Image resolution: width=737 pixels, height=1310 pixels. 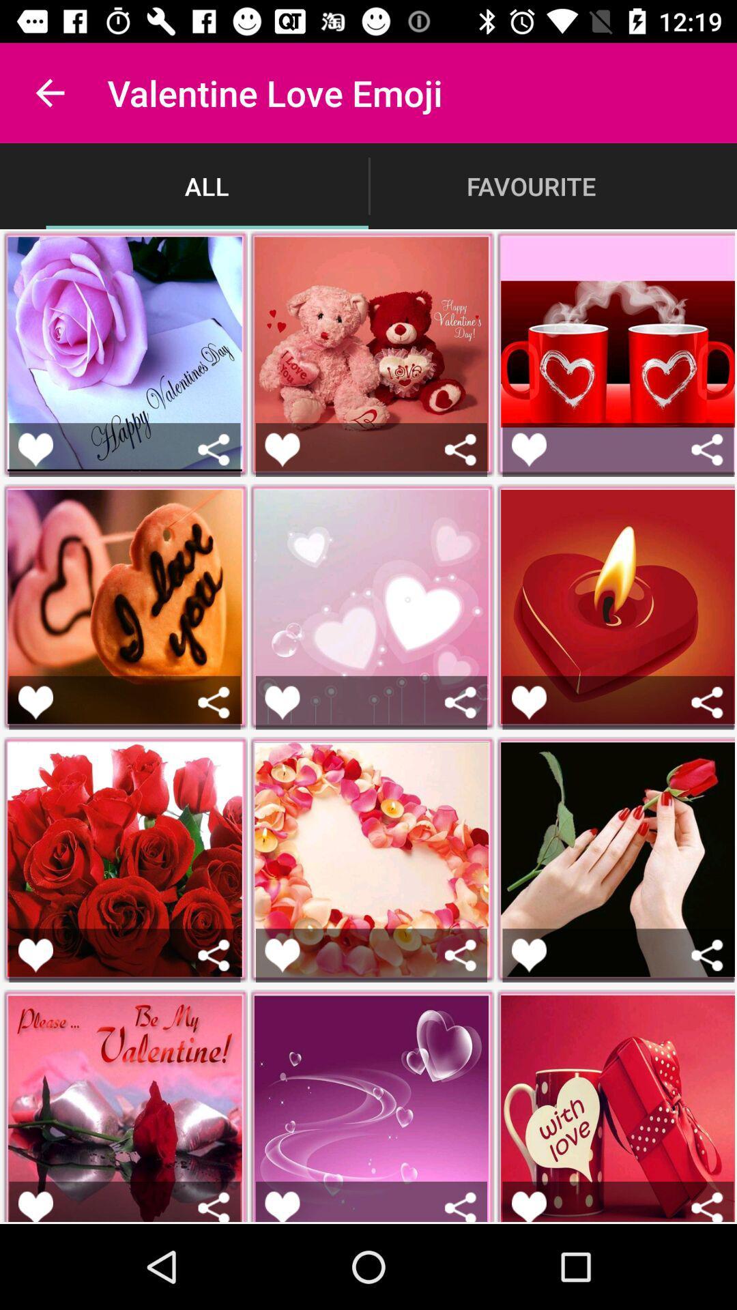 What do you see at coordinates (528, 702) in the screenshot?
I see `like emoji` at bounding box center [528, 702].